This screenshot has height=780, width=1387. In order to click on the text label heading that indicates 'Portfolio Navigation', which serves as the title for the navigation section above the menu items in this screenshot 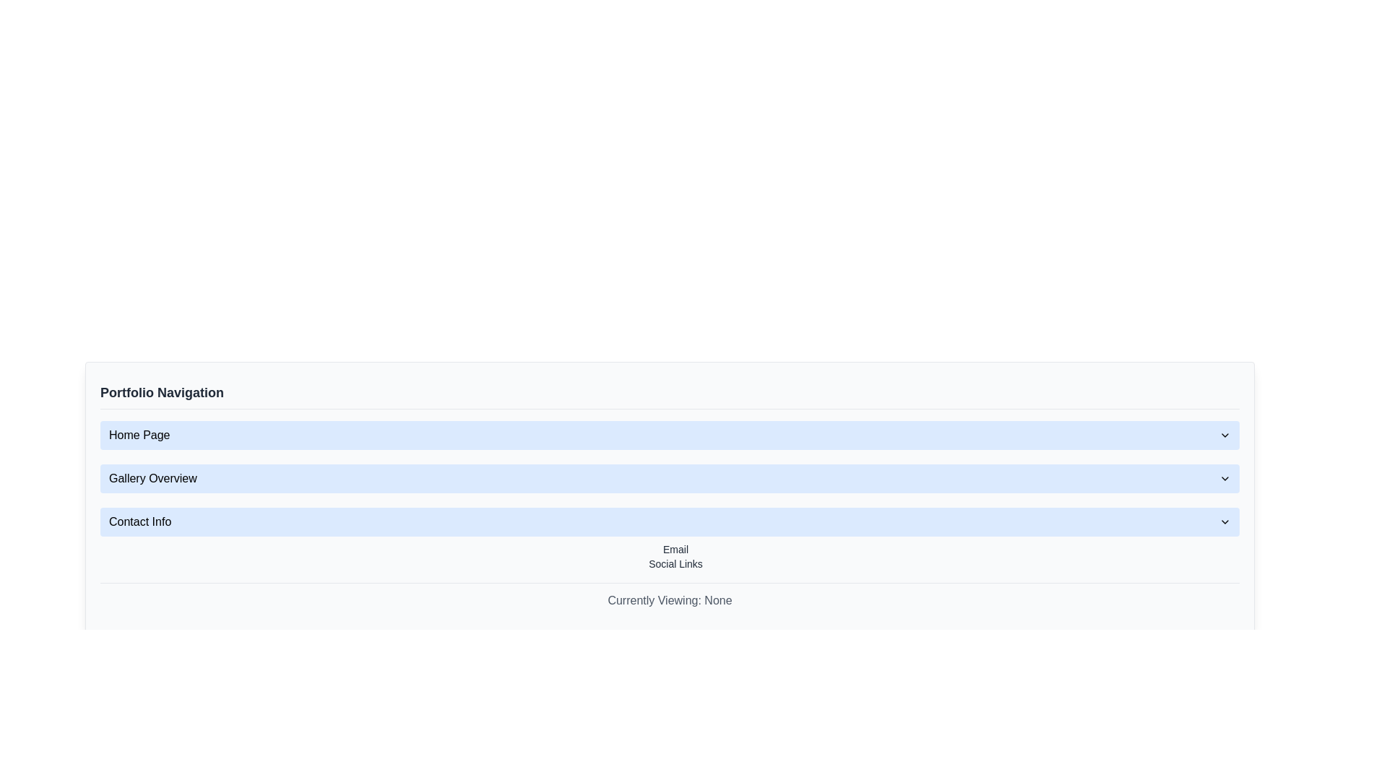, I will do `click(162, 392)`.